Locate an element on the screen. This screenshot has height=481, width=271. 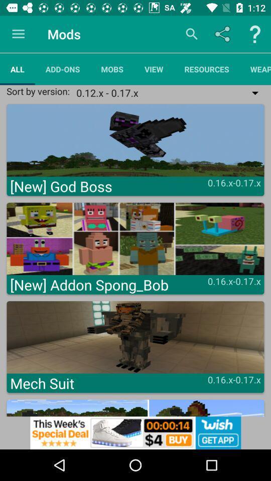
help is located at coordinates (255, 34).